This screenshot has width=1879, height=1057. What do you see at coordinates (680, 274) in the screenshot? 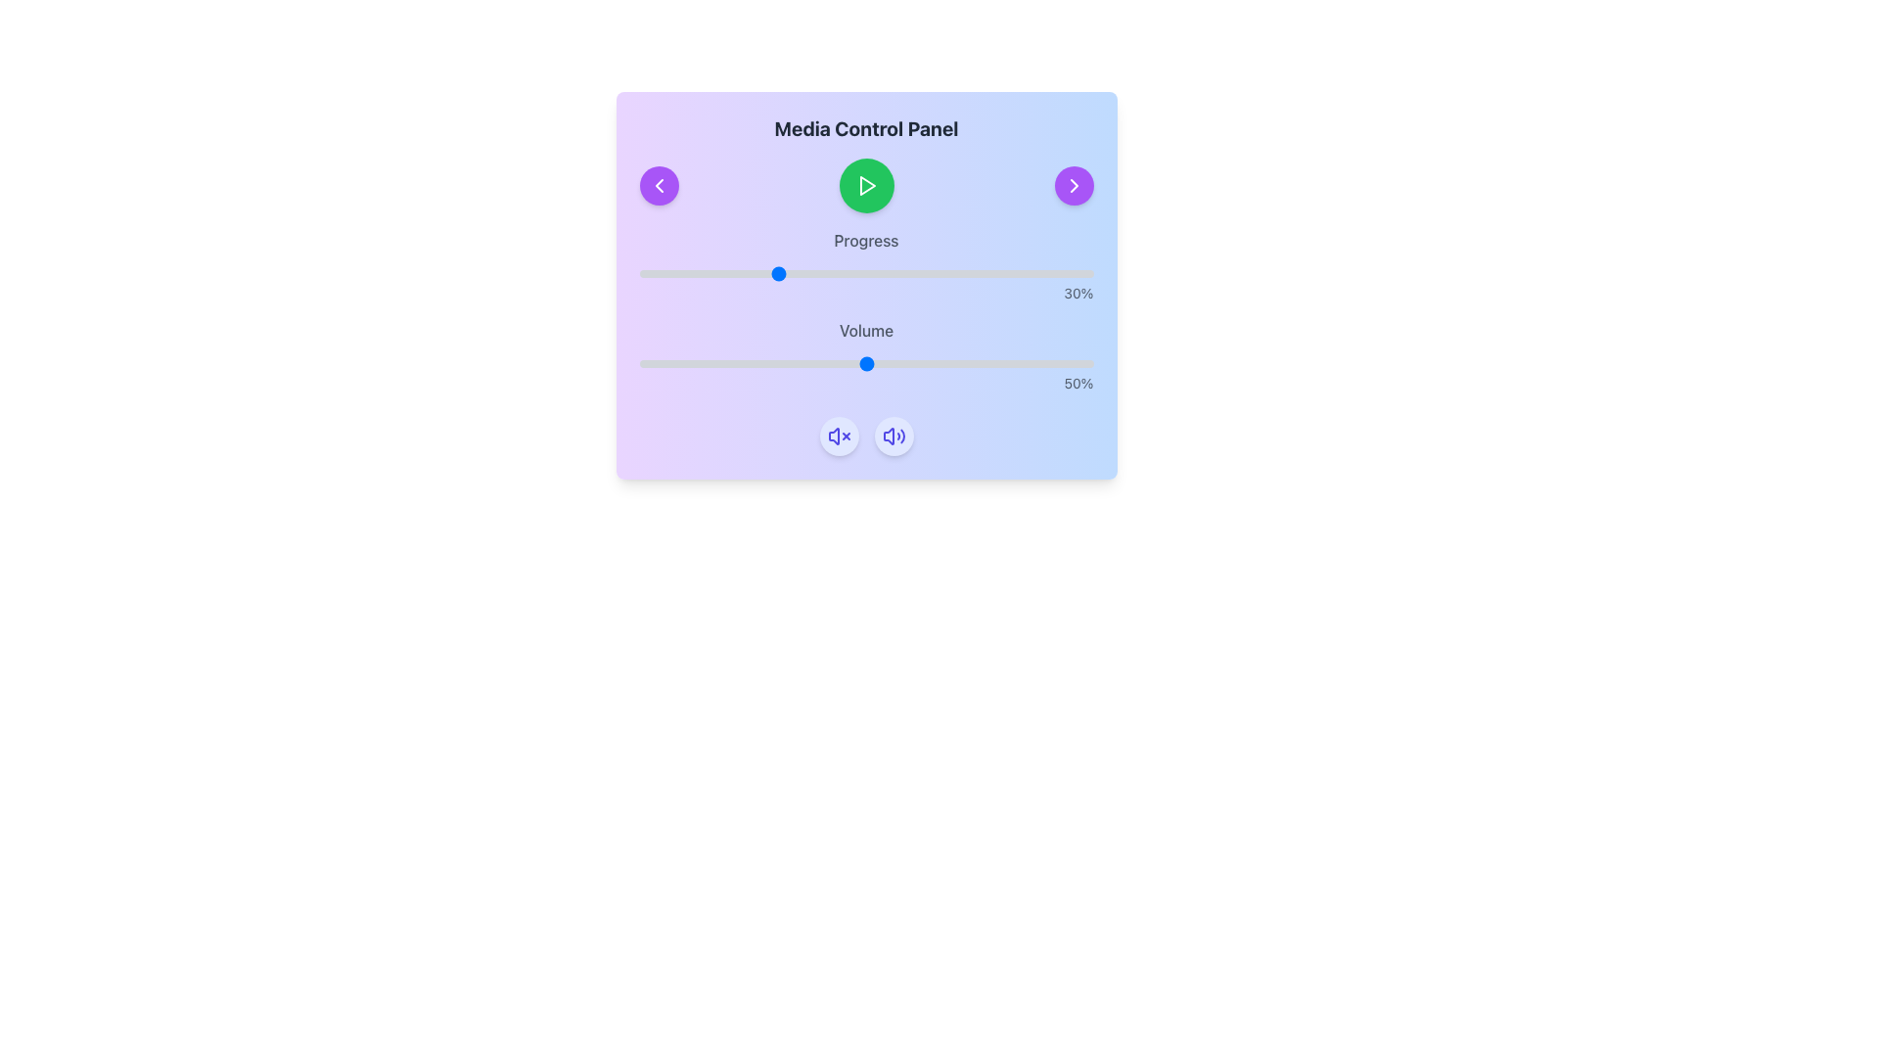
I see `progress` at bounding box center [680, 274].